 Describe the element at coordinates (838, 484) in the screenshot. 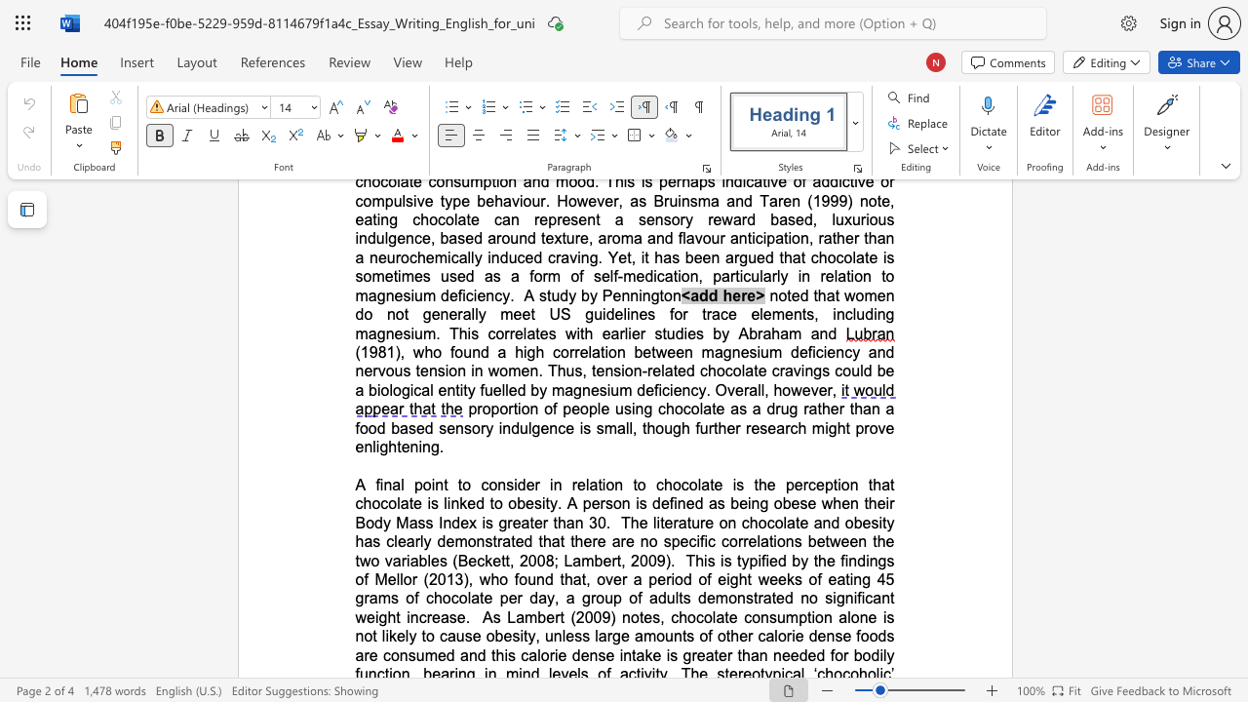

I see `the subset text "io" within the text "perception"` at that location.